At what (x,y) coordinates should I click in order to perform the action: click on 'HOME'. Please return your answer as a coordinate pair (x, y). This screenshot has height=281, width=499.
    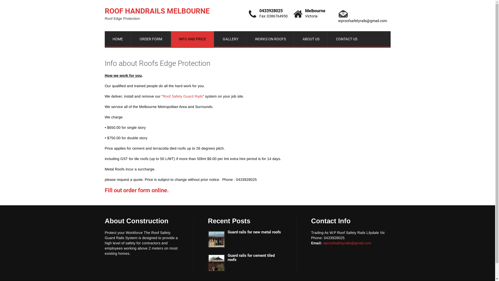
    Looking at the image, I should click on (117, 39).